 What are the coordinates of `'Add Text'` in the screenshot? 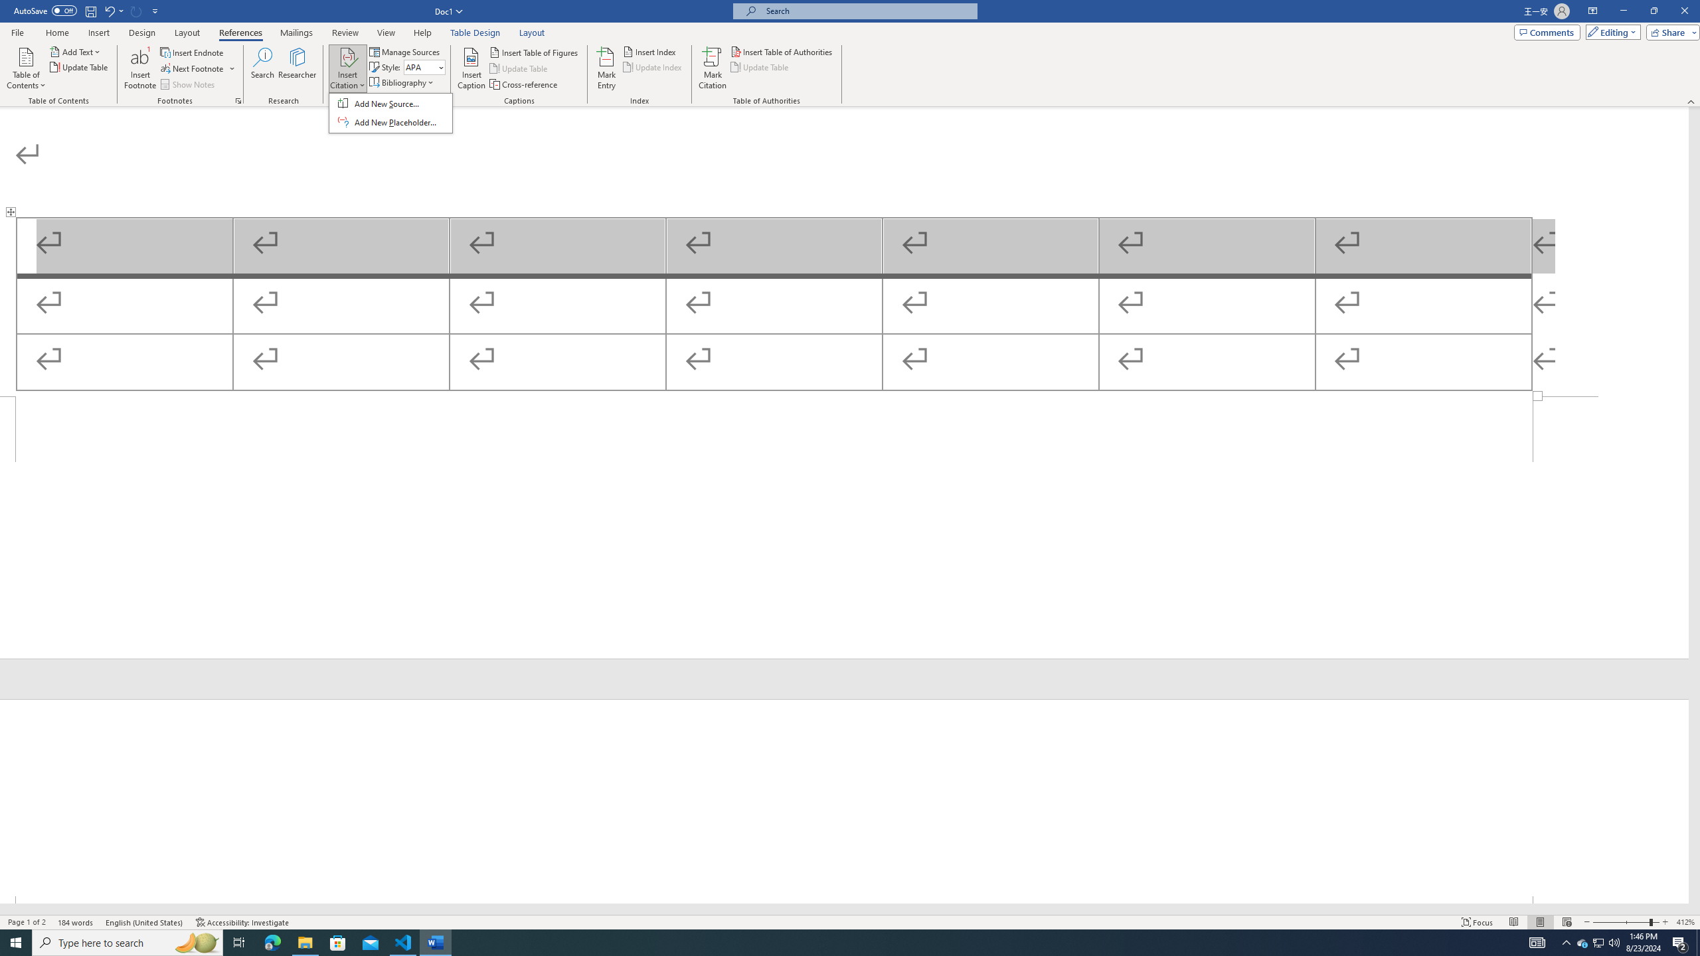 It's located at (76, 51).